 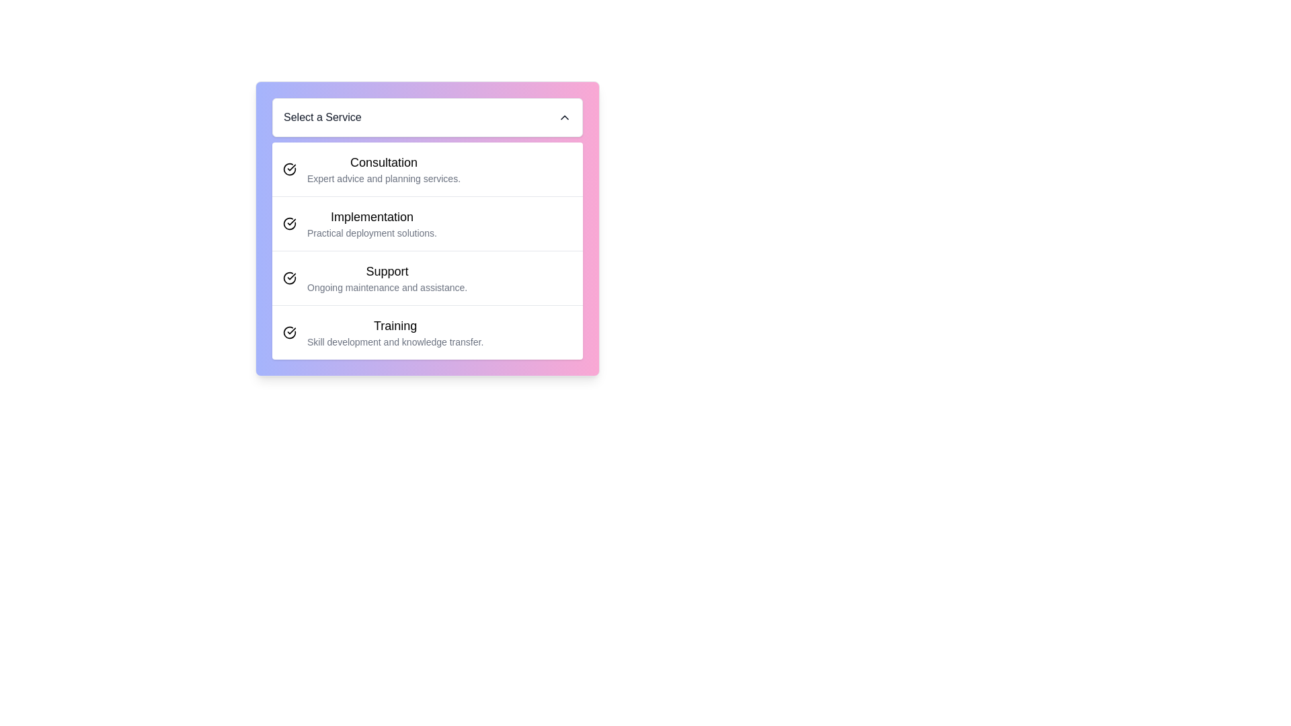 What do you see at coordinates (387, 287) in the screenshot?
I see `the descriptive text 'Ongoing maintenance and assistance.' which is styled in gray and located below the 'Support' label in the dropdown interface` at bounding box center [387, 287].